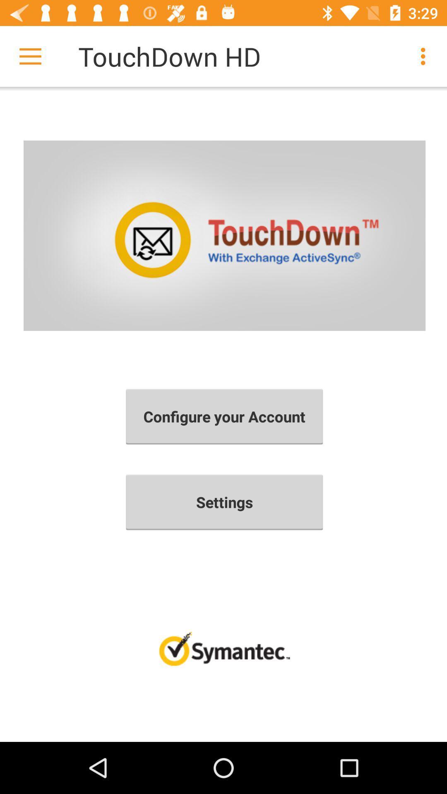 Image resolution: width=447 pixels, height=794 pixels. I want to click on the icon above the settings item, so click(224, 416).